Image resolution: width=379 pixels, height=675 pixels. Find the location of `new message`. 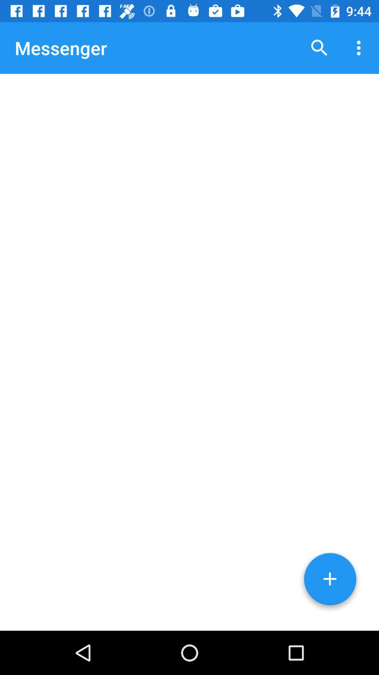

new message is located at coordinates (330, 581).